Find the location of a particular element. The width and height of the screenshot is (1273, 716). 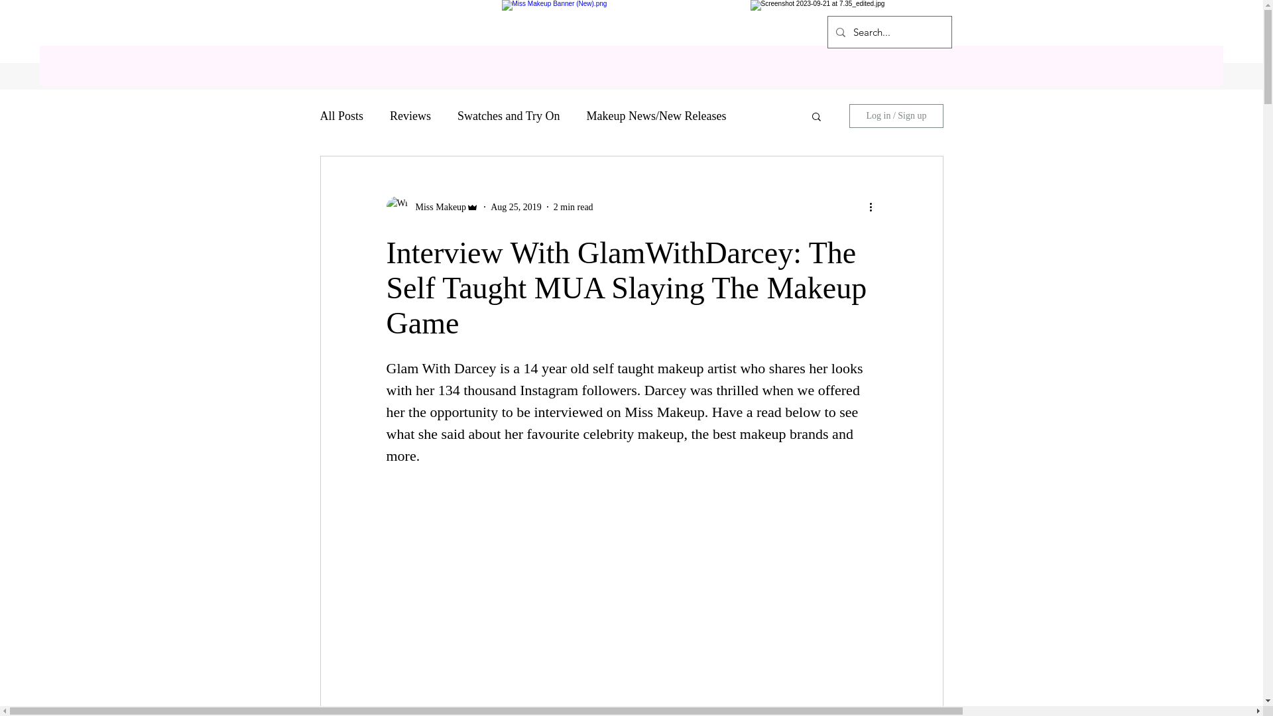

'Log in / Sign up' is located at coordinates (896, 115).